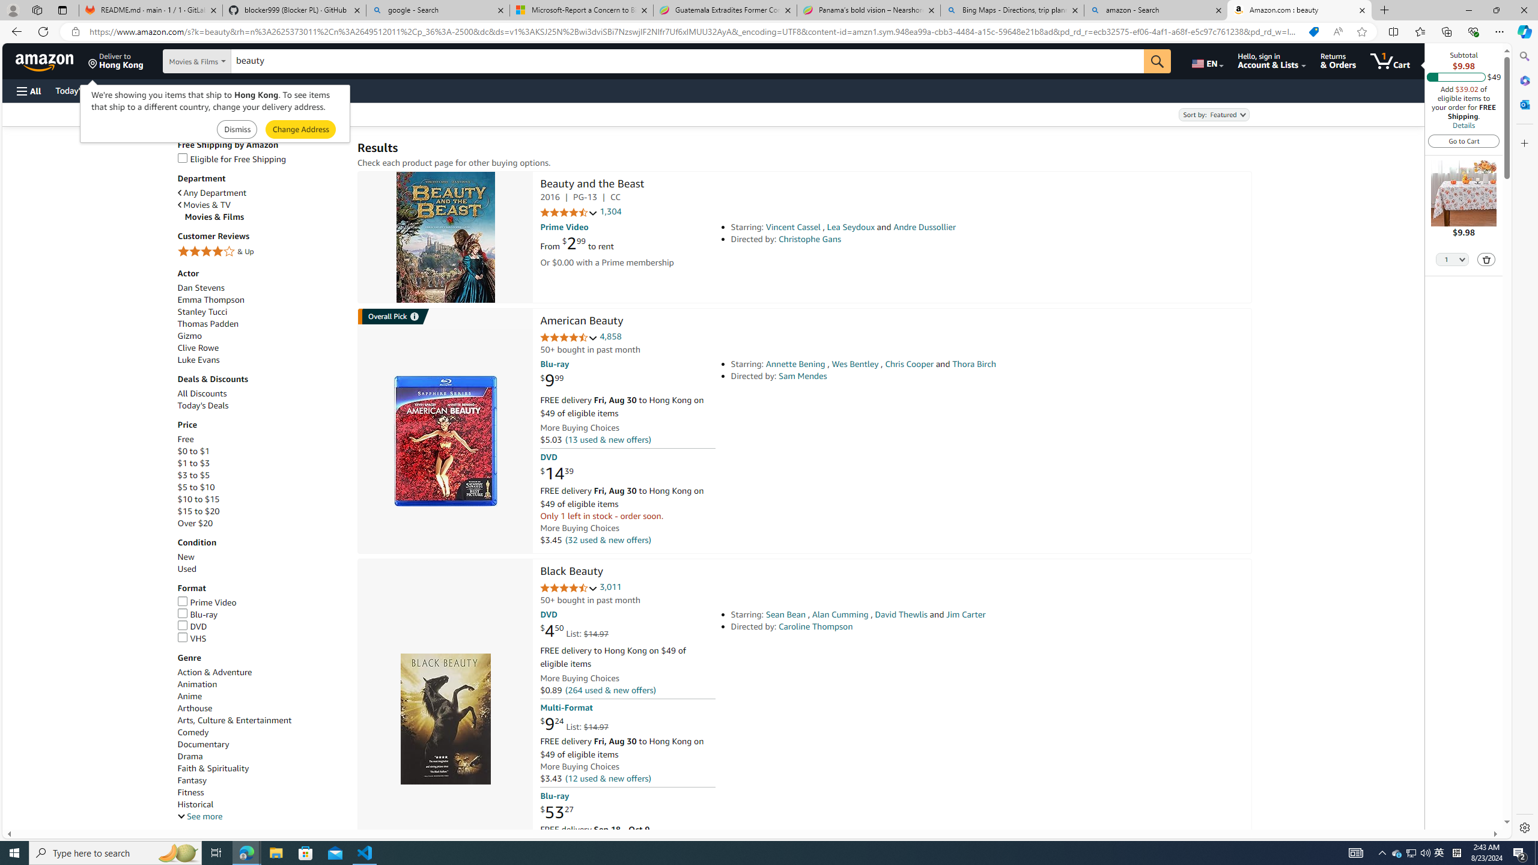 The image size is (1538, 865). Describe the element at coordinates (261, 463) in the screenshot. I see `'$1 to $3'` at that location.